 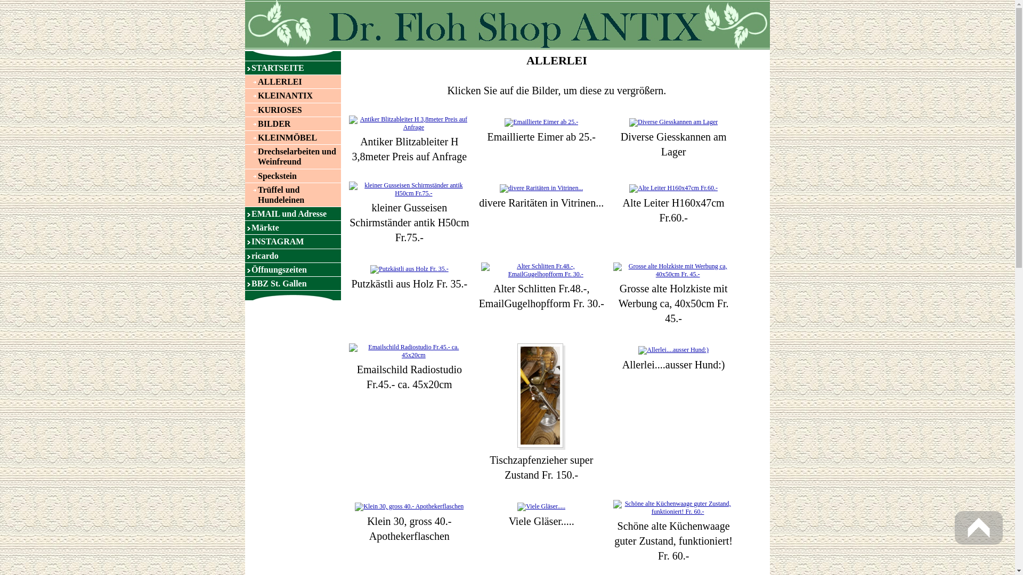 What do you see at coordinates (245, 110) in the screenshot?
I see `'KURIOSES'` at bounding box center [245, 110].